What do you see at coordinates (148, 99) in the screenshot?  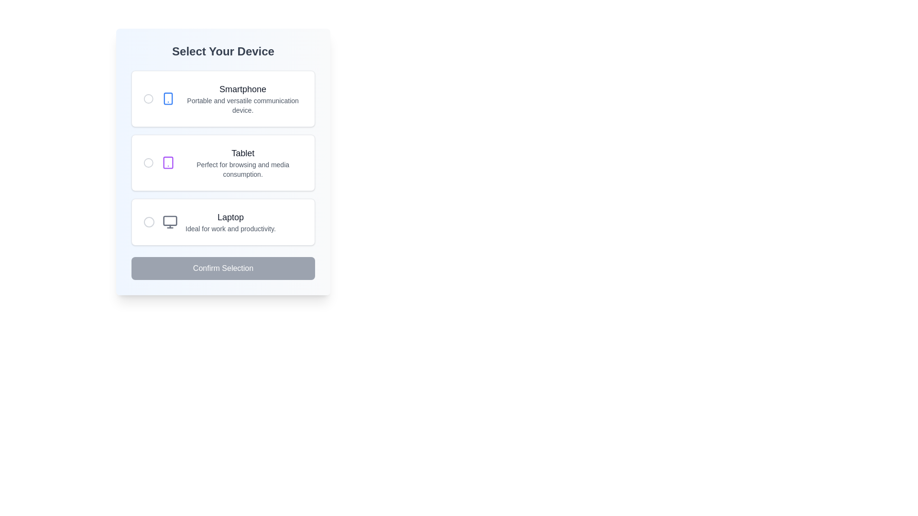 I see `the circular selection indicator for the 'Smartphone' option` at bounding box center [148, 99].